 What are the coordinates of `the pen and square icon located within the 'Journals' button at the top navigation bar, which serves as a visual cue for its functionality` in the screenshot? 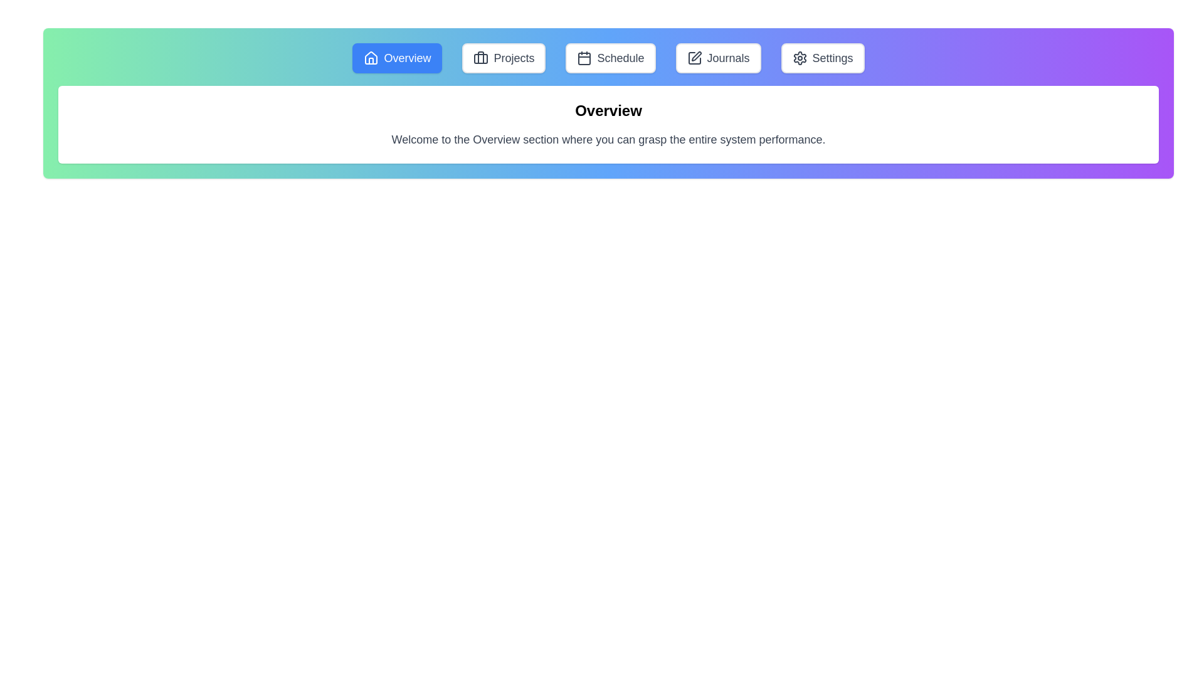 It's located at (694, 58).